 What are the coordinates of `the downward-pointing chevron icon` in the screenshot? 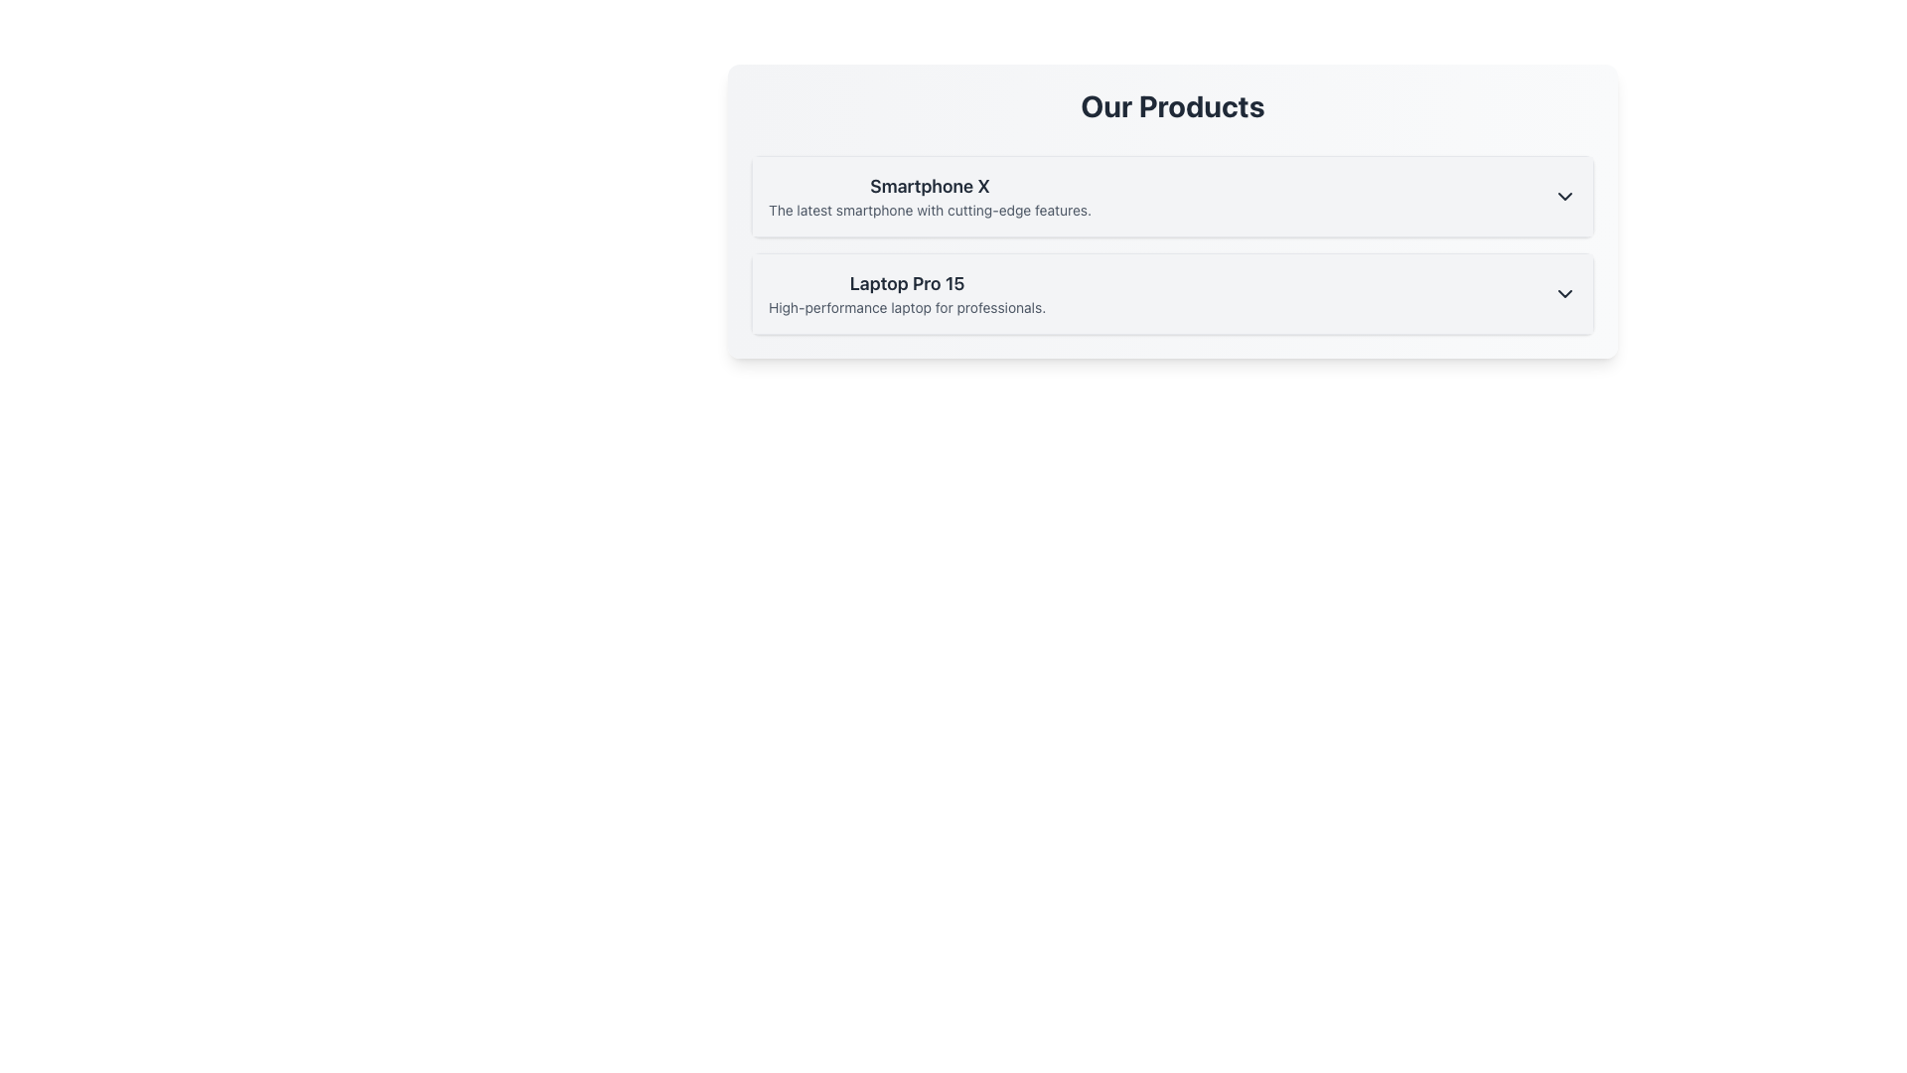 It's located at (1563, 196).